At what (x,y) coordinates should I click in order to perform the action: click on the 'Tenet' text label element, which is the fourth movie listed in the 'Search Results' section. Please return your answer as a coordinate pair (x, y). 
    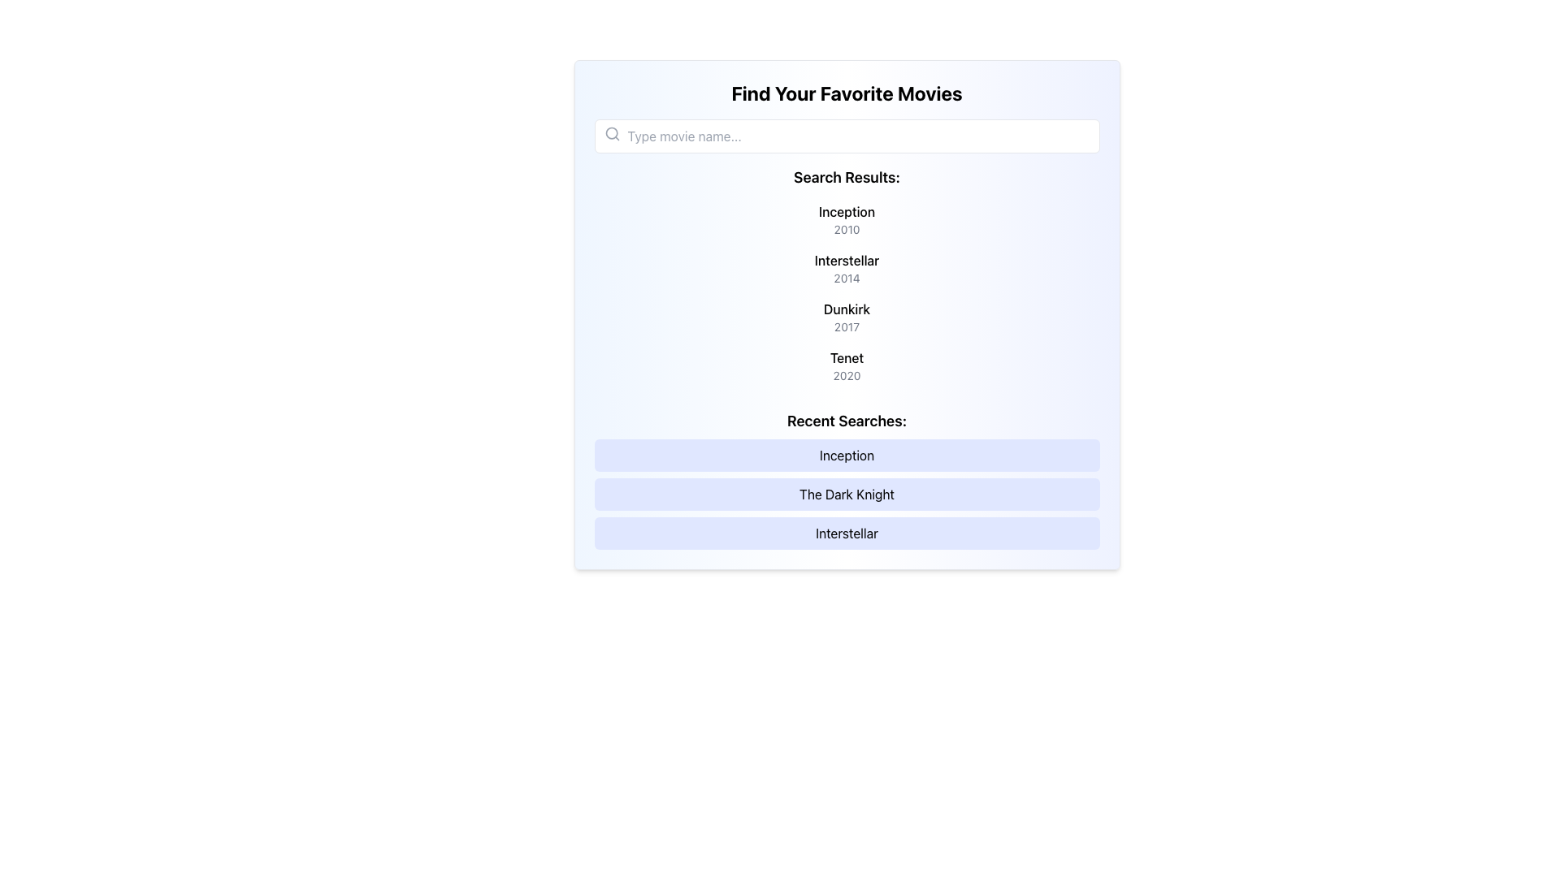
    Looking at the image, I should click on (846, 356).